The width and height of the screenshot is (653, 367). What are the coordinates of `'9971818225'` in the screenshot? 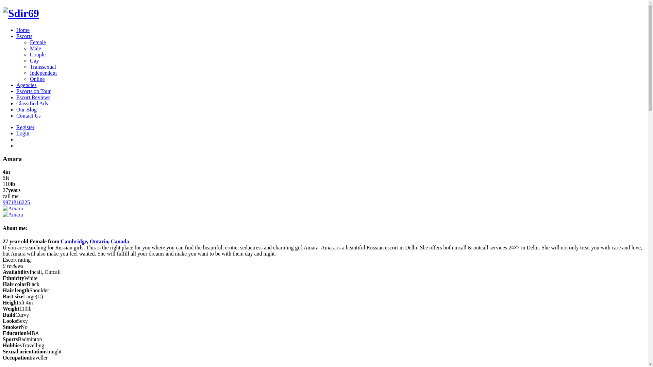 It's located at (16, 202).